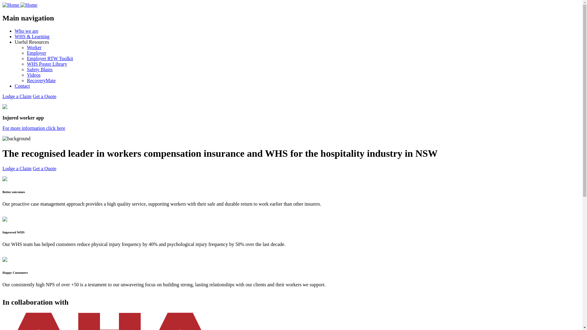  Describe the element at coordinates (255, 164) in the screenshot. I see `'Go to hii.au'` at that location.